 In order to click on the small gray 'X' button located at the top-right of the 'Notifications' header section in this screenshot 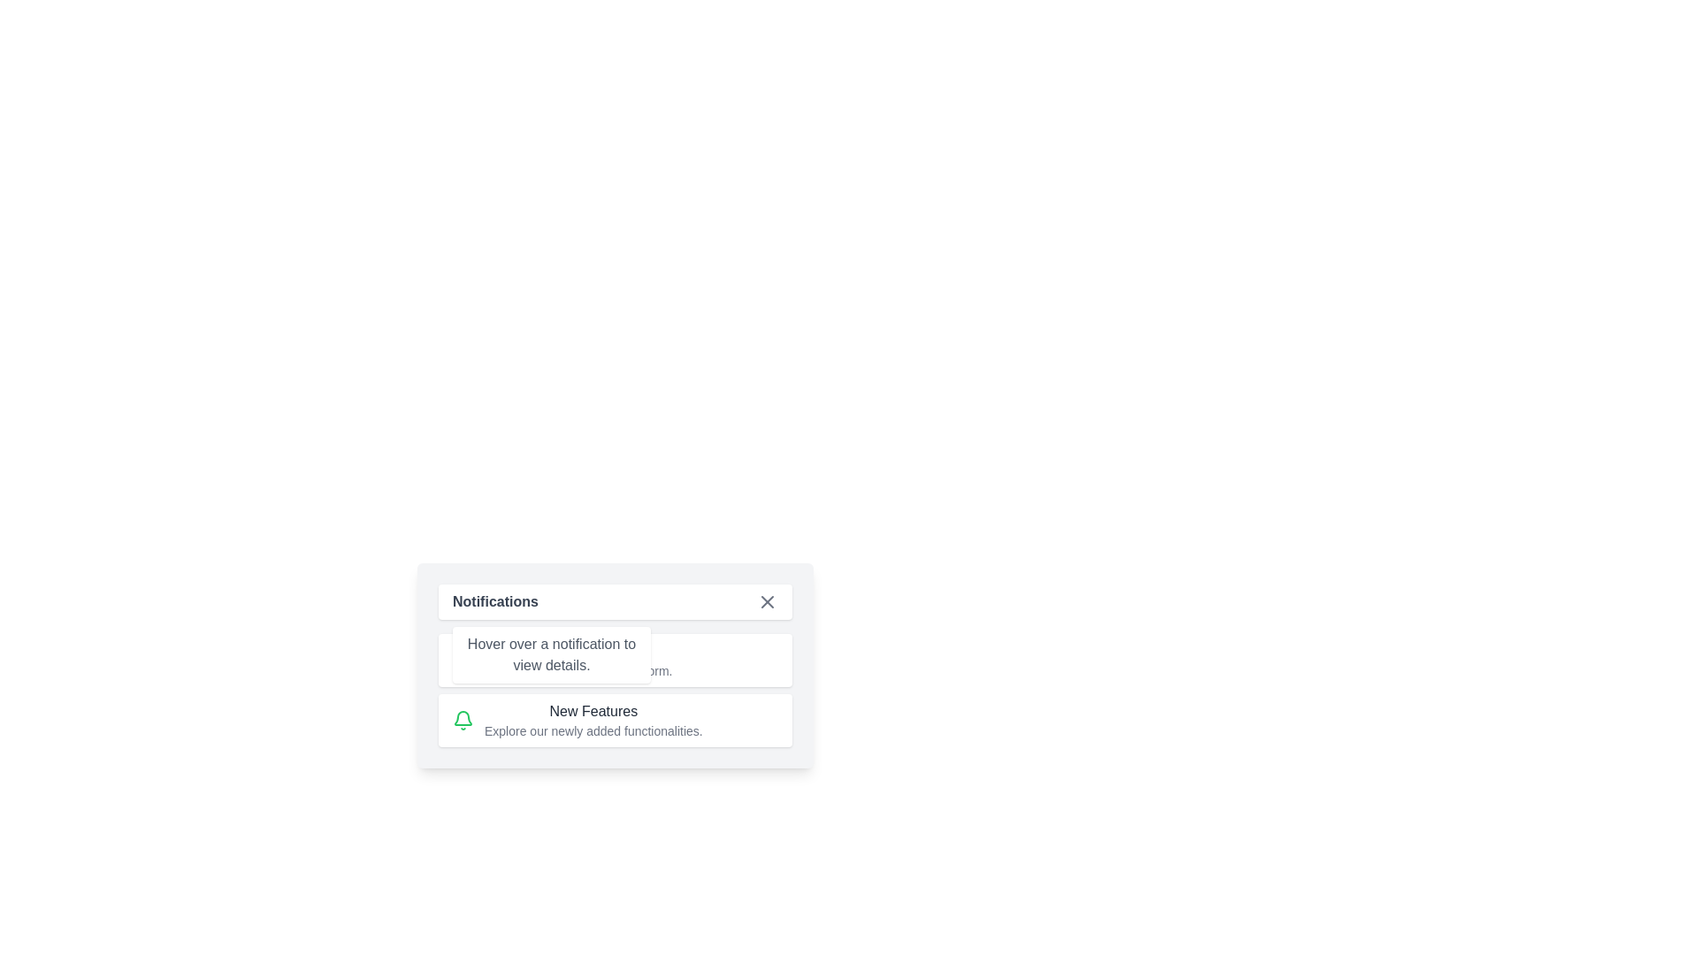, I will do `click(768, 601)`.